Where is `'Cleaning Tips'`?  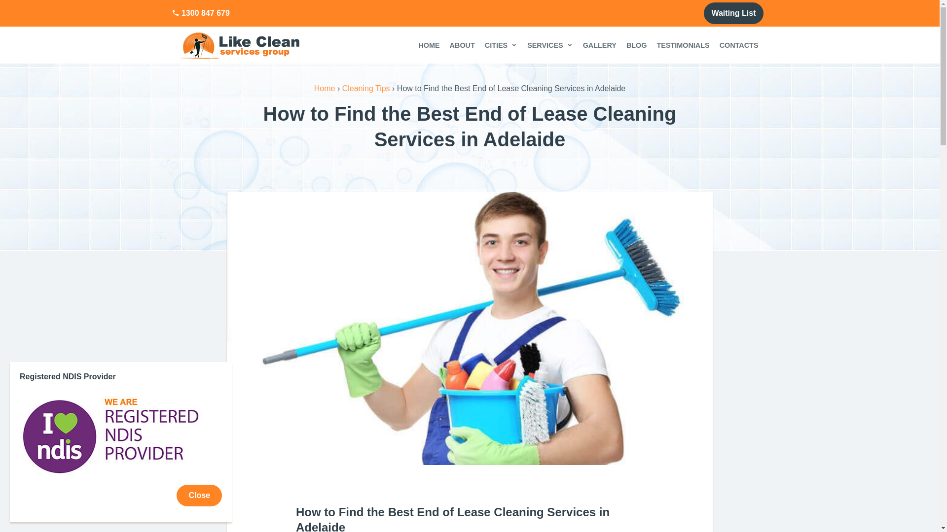 'Cleaning Tips' is located at coordinates (342, 88).